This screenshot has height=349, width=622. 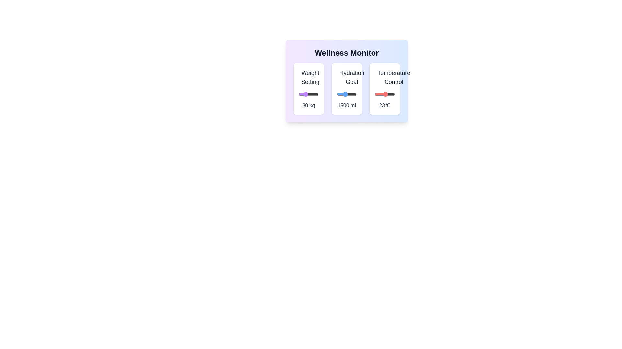 I want to click on the temperature, so click(x=392, y=94).